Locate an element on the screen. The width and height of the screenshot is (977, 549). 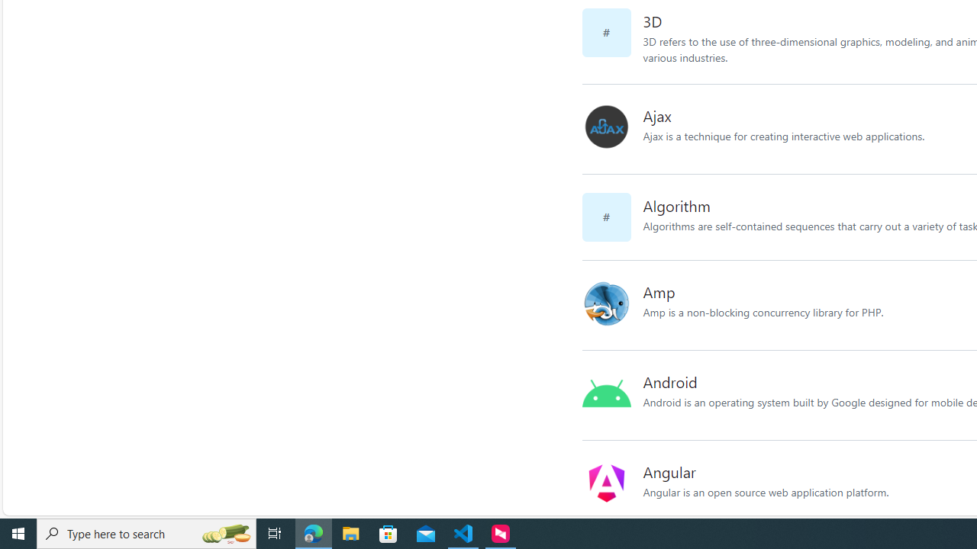
'ajax' is located at coordinates (612, 128).